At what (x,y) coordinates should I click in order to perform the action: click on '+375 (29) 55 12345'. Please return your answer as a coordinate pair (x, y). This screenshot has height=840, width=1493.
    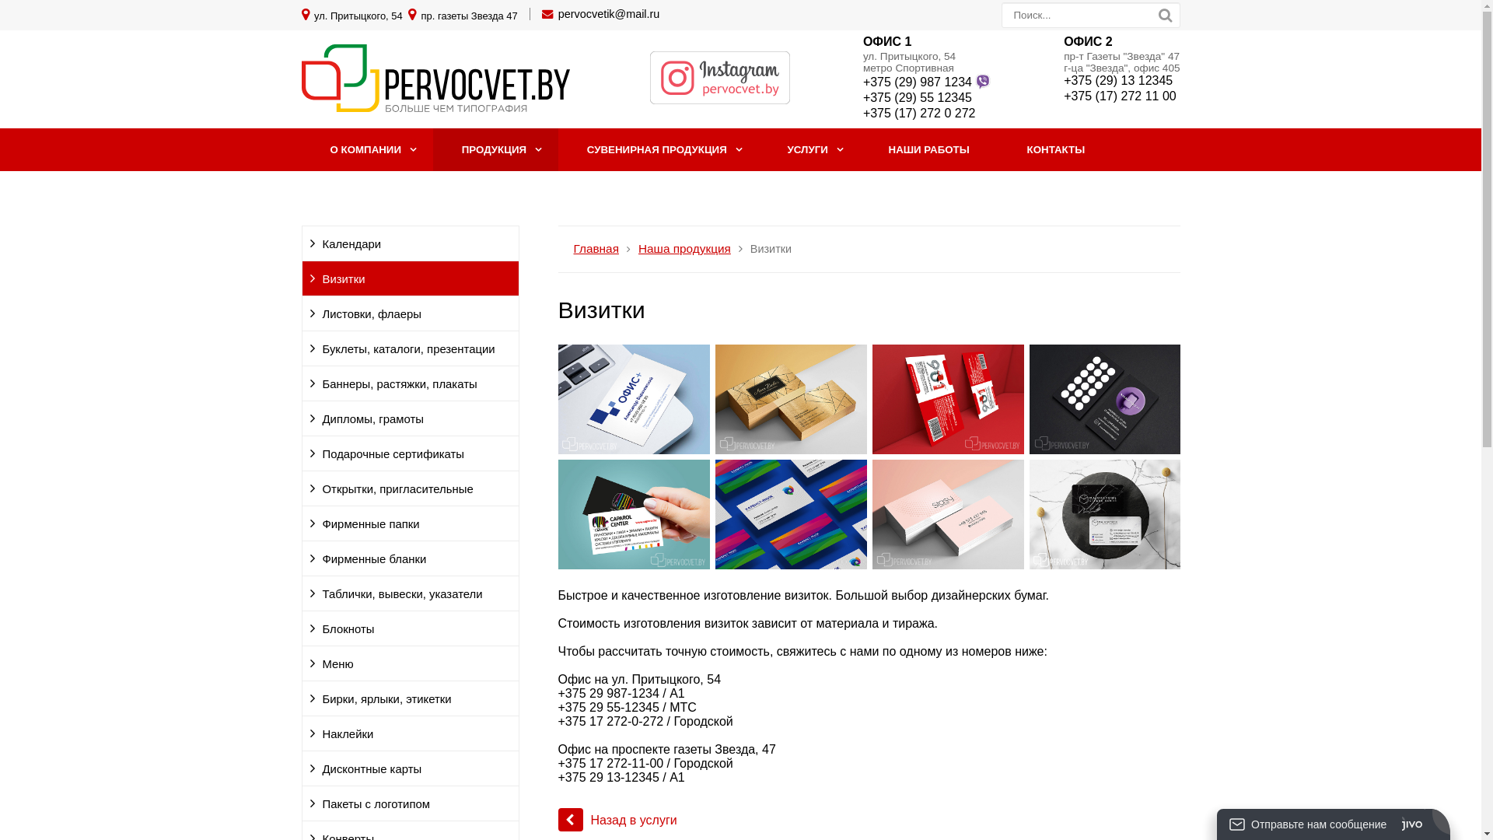
    Looking at the image, I should click on (862, 97).